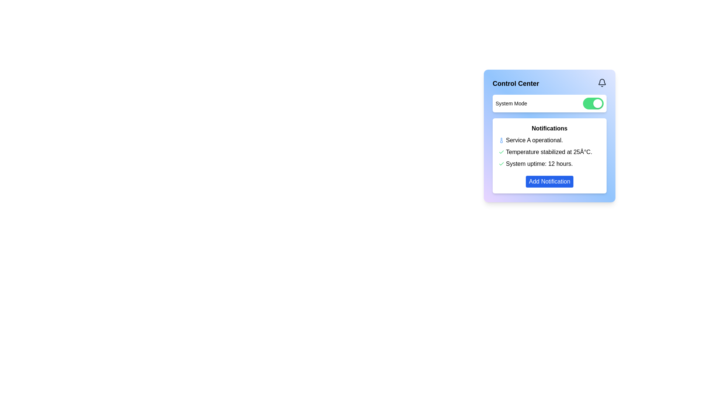  Describe the element at coordinates (549, 104) in the screenshot. I see `the 'System Mode' toggle switch in the Control Center` at that location.